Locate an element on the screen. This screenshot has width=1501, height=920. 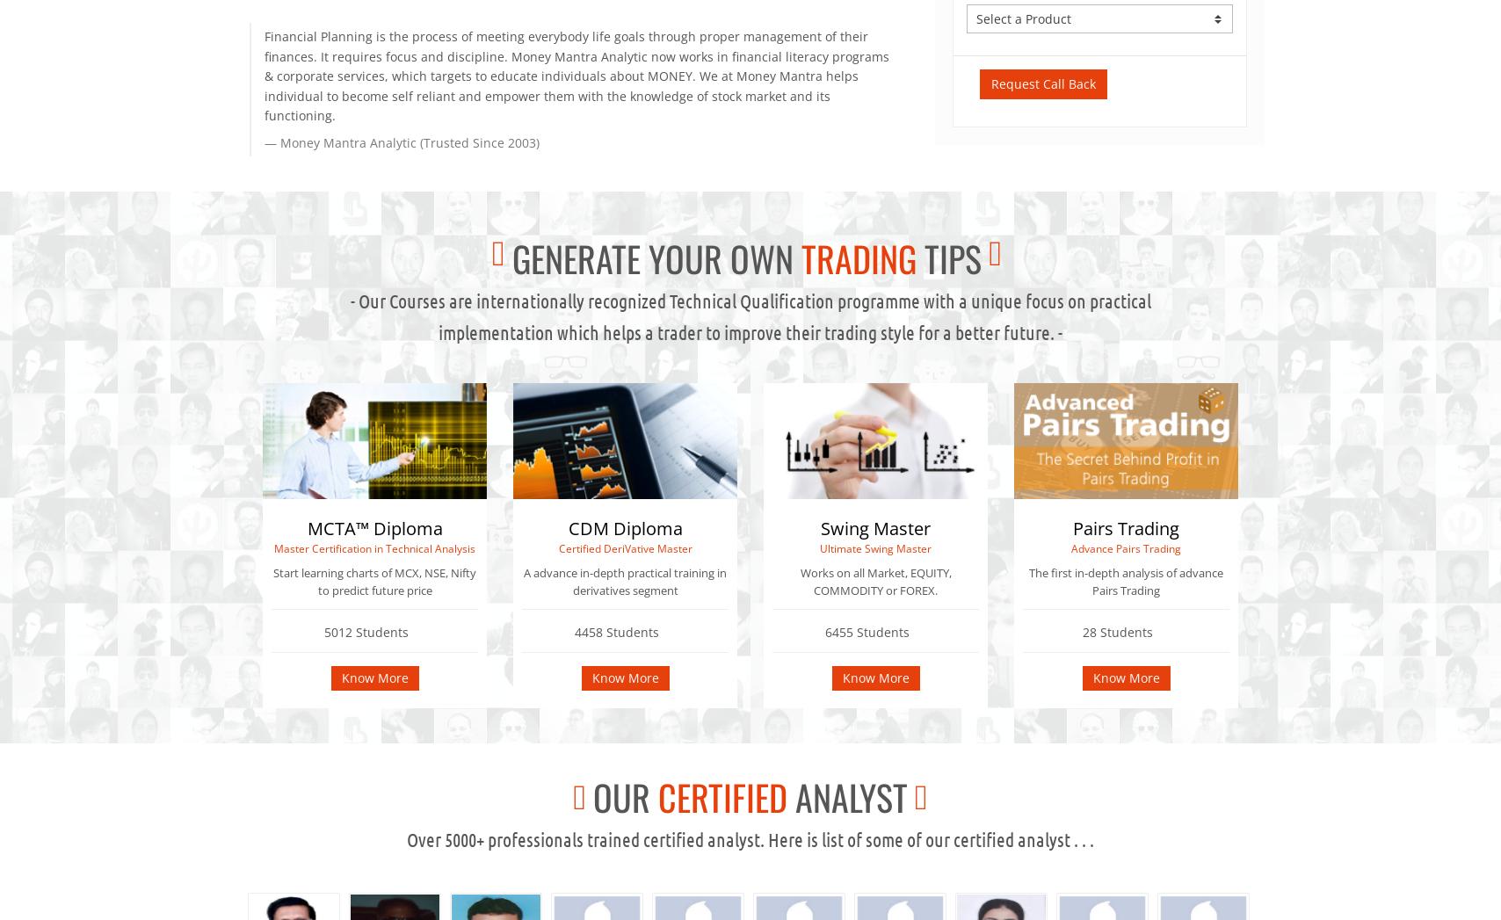
'MCTA™ Diploma' is located at coordinates (306, 527).